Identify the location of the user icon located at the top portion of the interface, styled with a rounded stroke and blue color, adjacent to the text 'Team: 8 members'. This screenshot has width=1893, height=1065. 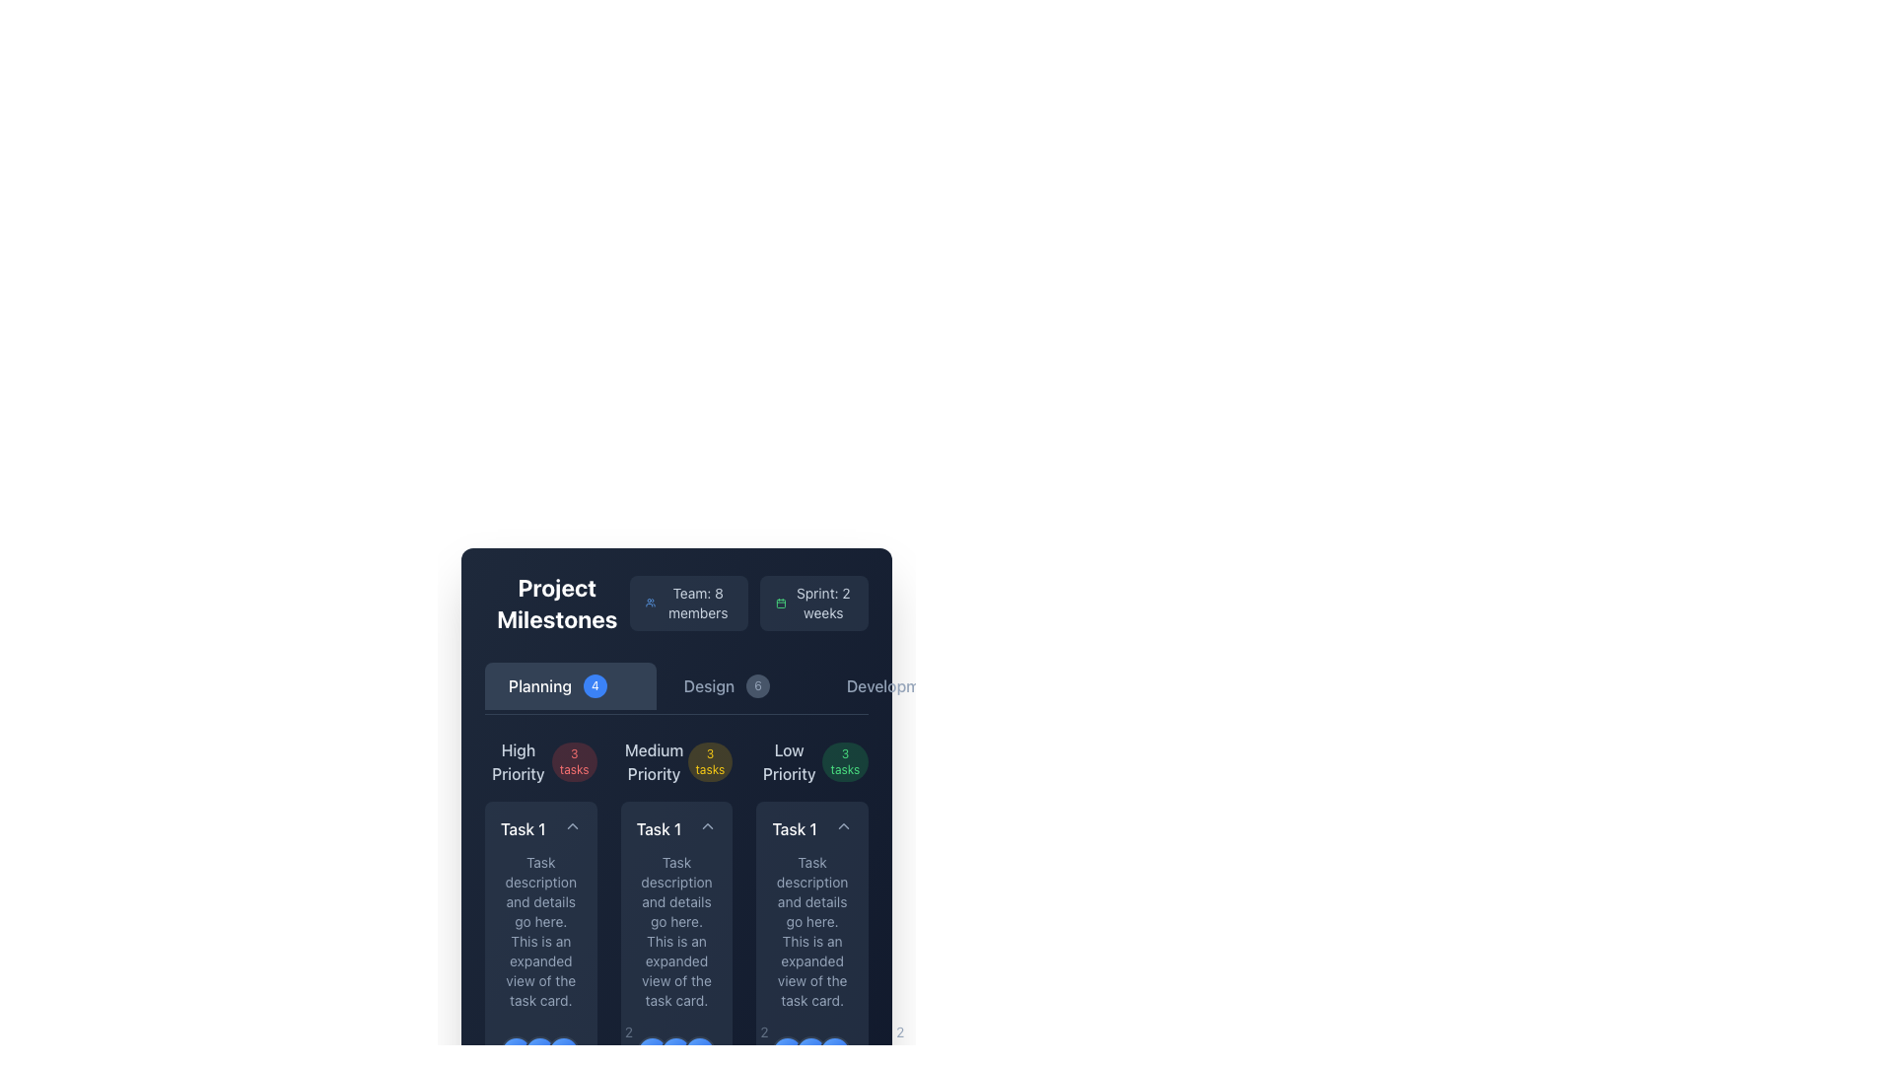
(651, 603).